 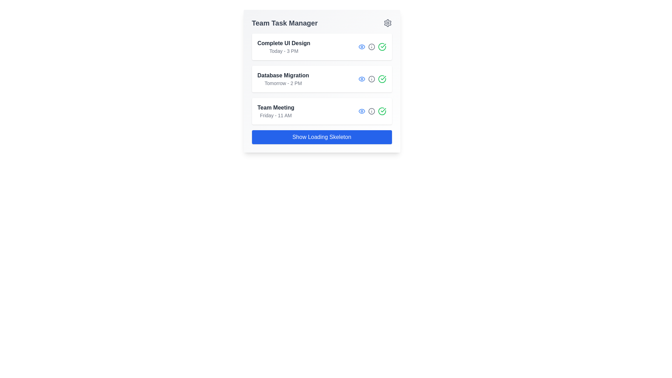 I want to click on the 'Show Loading Skeleton' button, which has a blue background and white text, located at the bottom of the 'Team Task Manager' card, so click(x=321, y=137).